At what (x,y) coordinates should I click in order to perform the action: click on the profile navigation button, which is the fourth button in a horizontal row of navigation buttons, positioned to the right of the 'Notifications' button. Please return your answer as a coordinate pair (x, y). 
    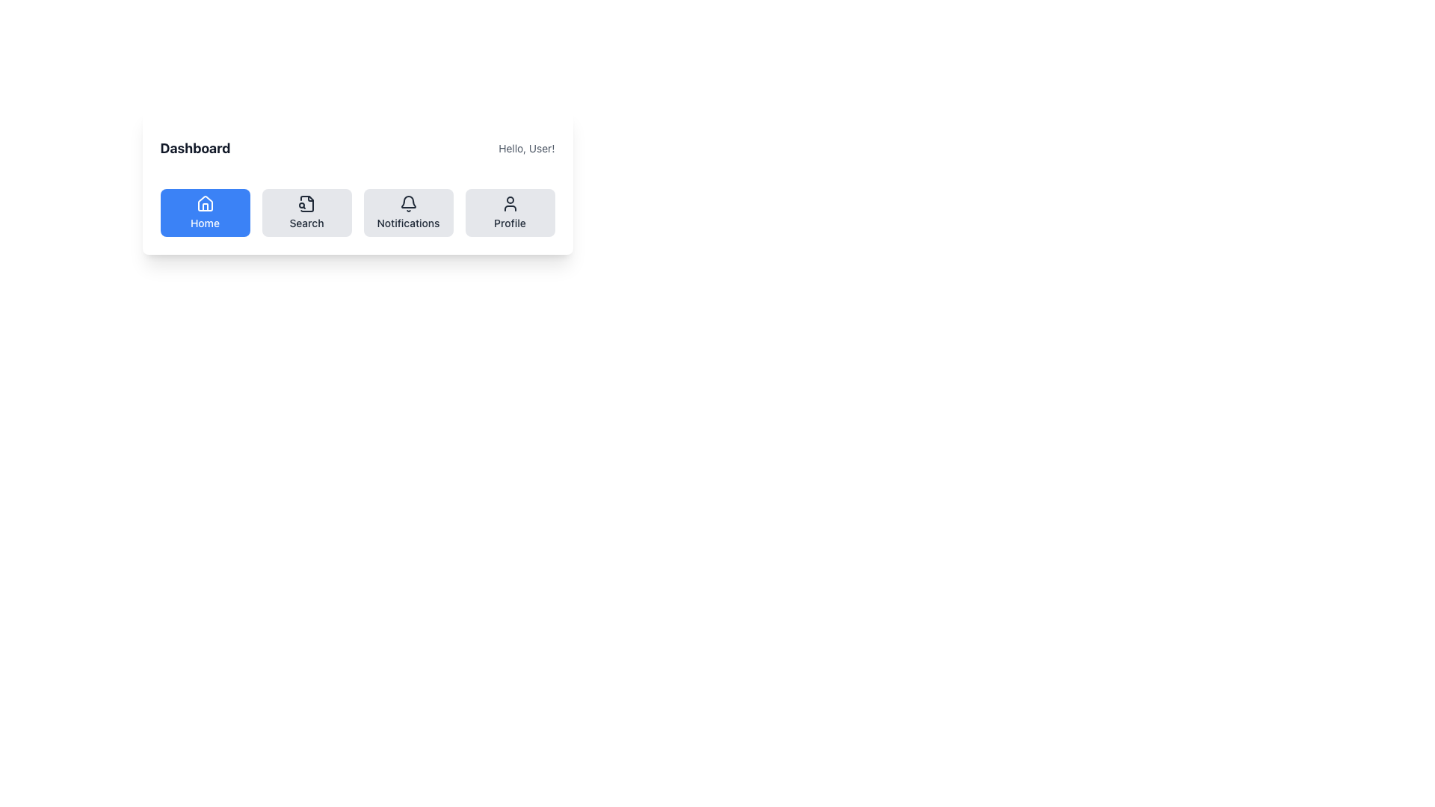
    Looking at the image, I should click on (510, 213).